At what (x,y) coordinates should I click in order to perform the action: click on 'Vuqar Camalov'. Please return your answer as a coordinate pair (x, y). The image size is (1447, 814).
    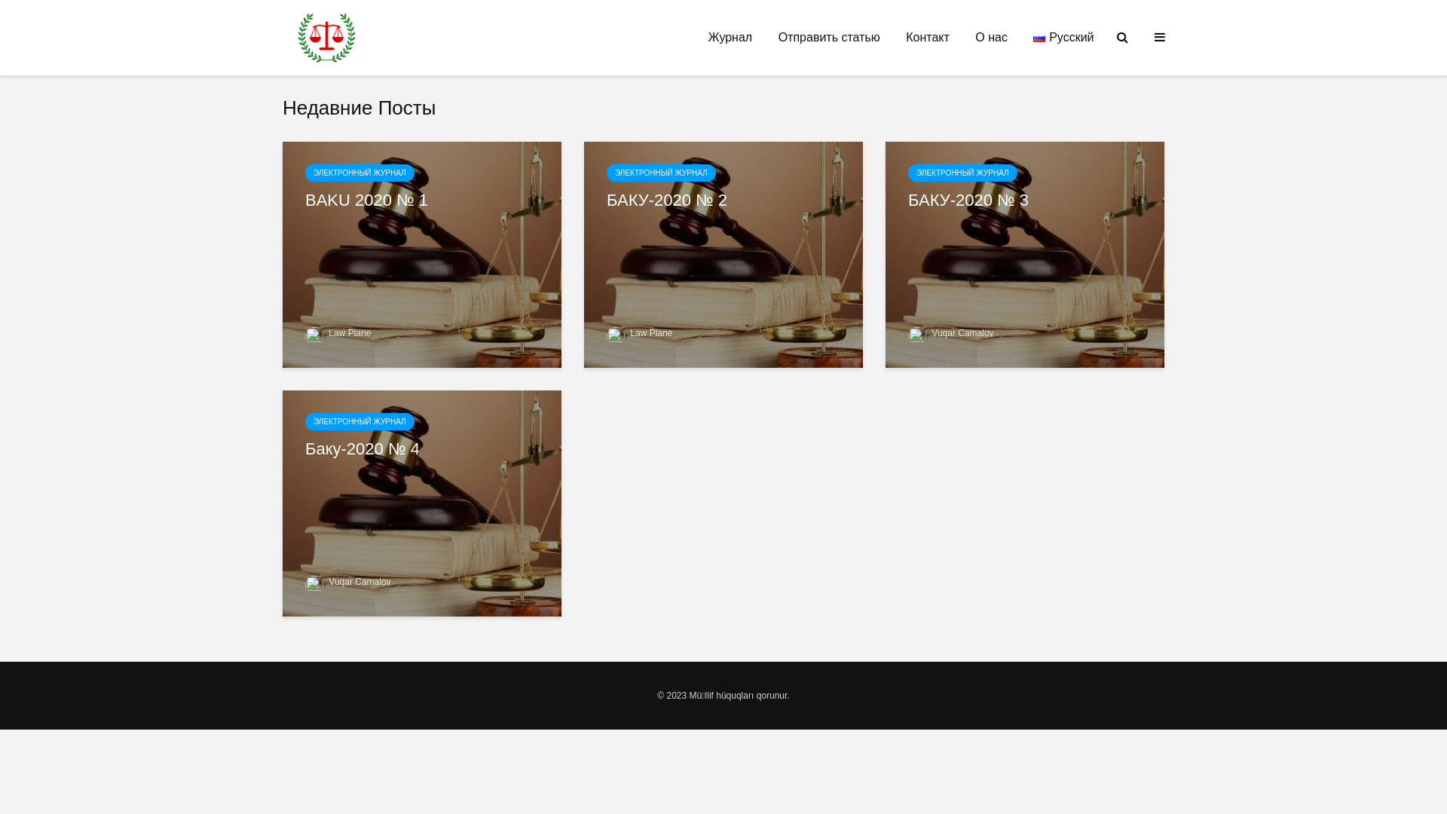
    Looking at the image, I should click on (950, 332).